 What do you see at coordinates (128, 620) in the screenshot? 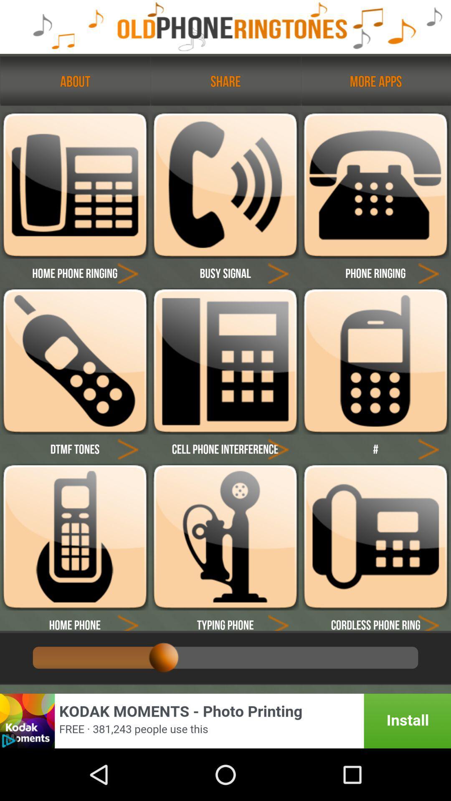
I see `home phone option` at bounding box center [128, 620].